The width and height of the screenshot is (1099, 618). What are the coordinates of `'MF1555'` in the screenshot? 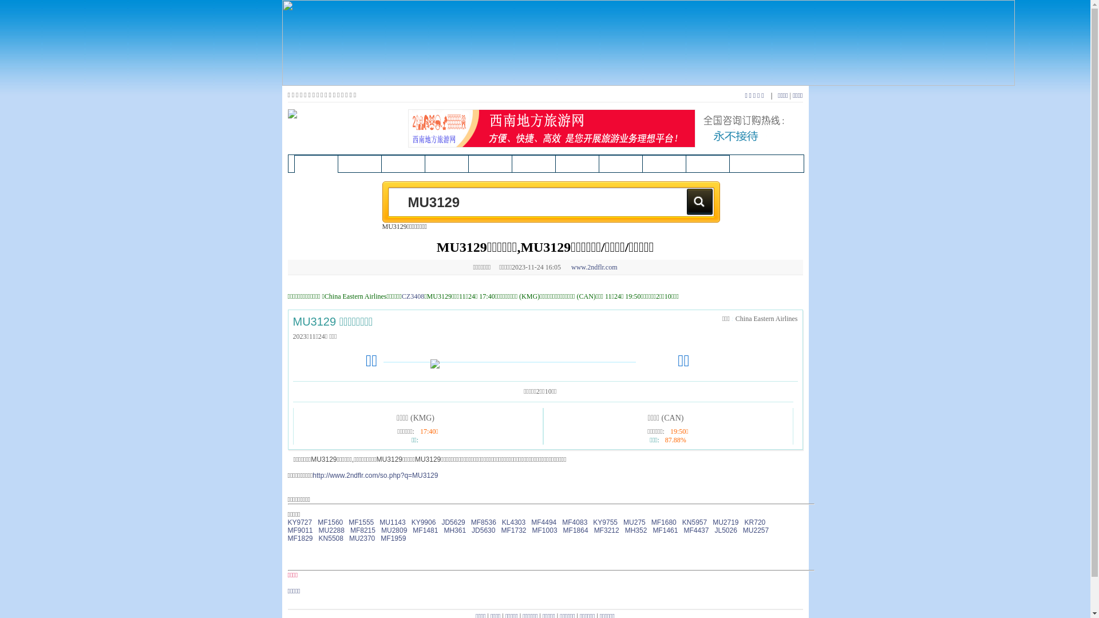 It's located at (360, 522).